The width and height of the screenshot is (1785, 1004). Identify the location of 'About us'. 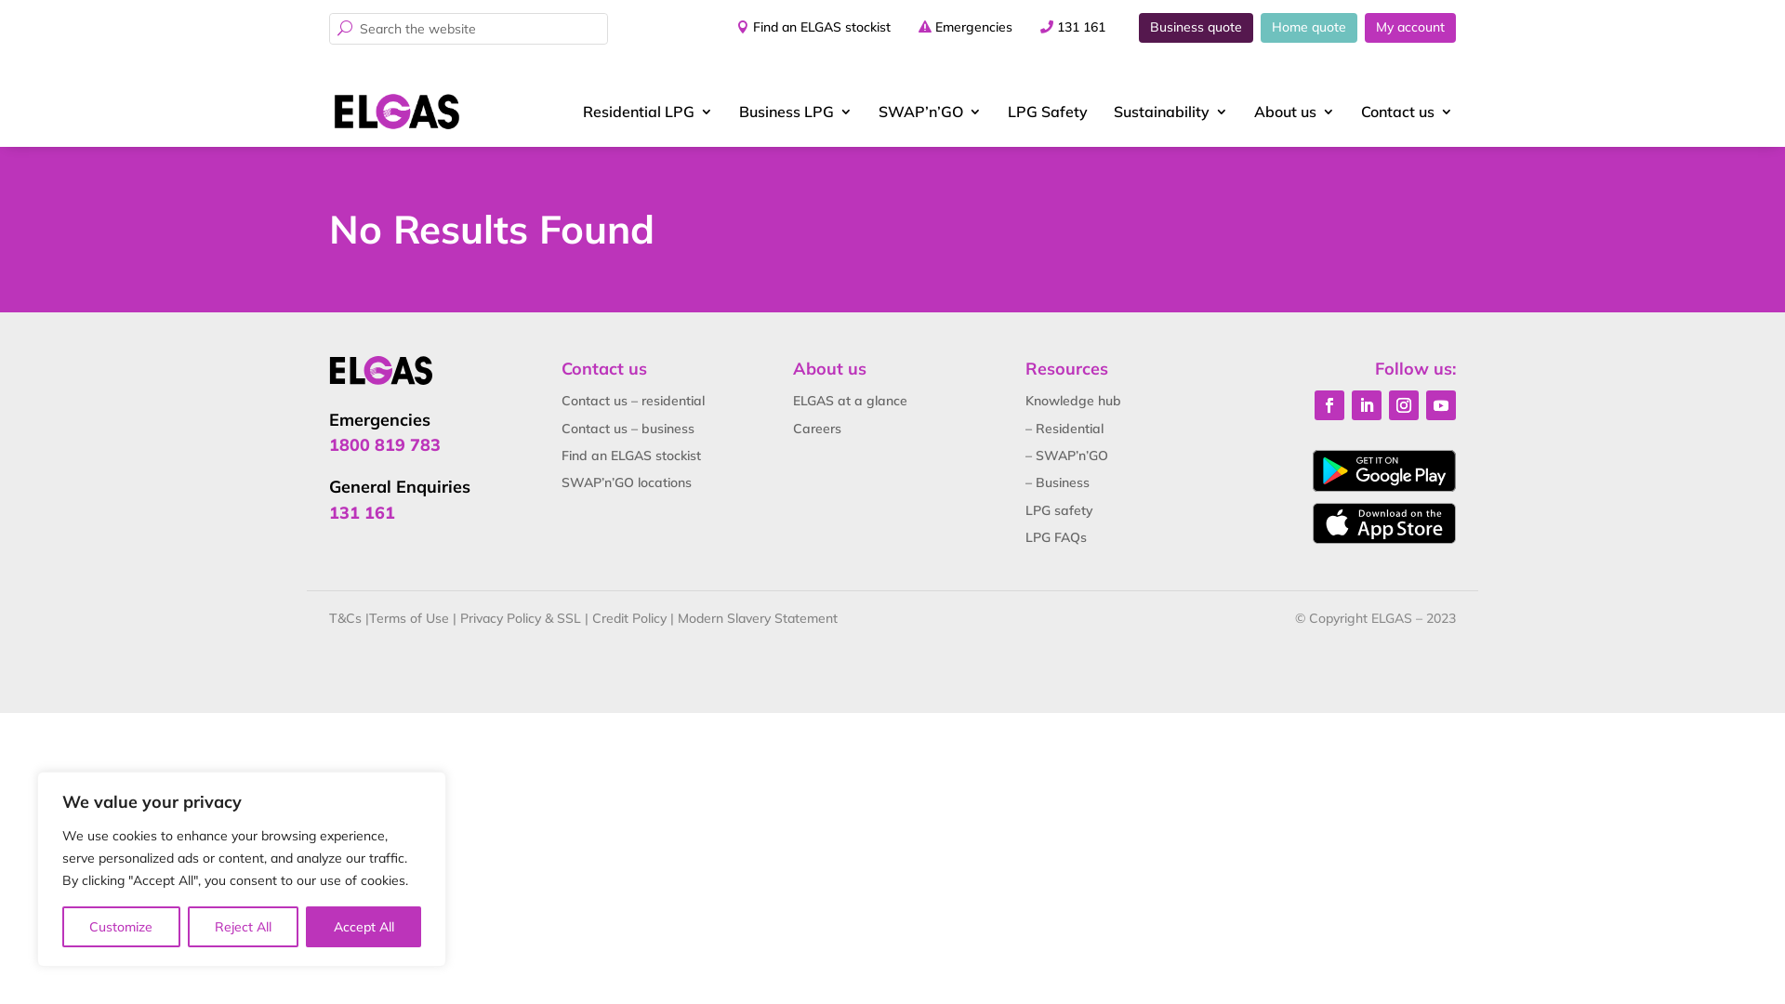
(1293, 111).